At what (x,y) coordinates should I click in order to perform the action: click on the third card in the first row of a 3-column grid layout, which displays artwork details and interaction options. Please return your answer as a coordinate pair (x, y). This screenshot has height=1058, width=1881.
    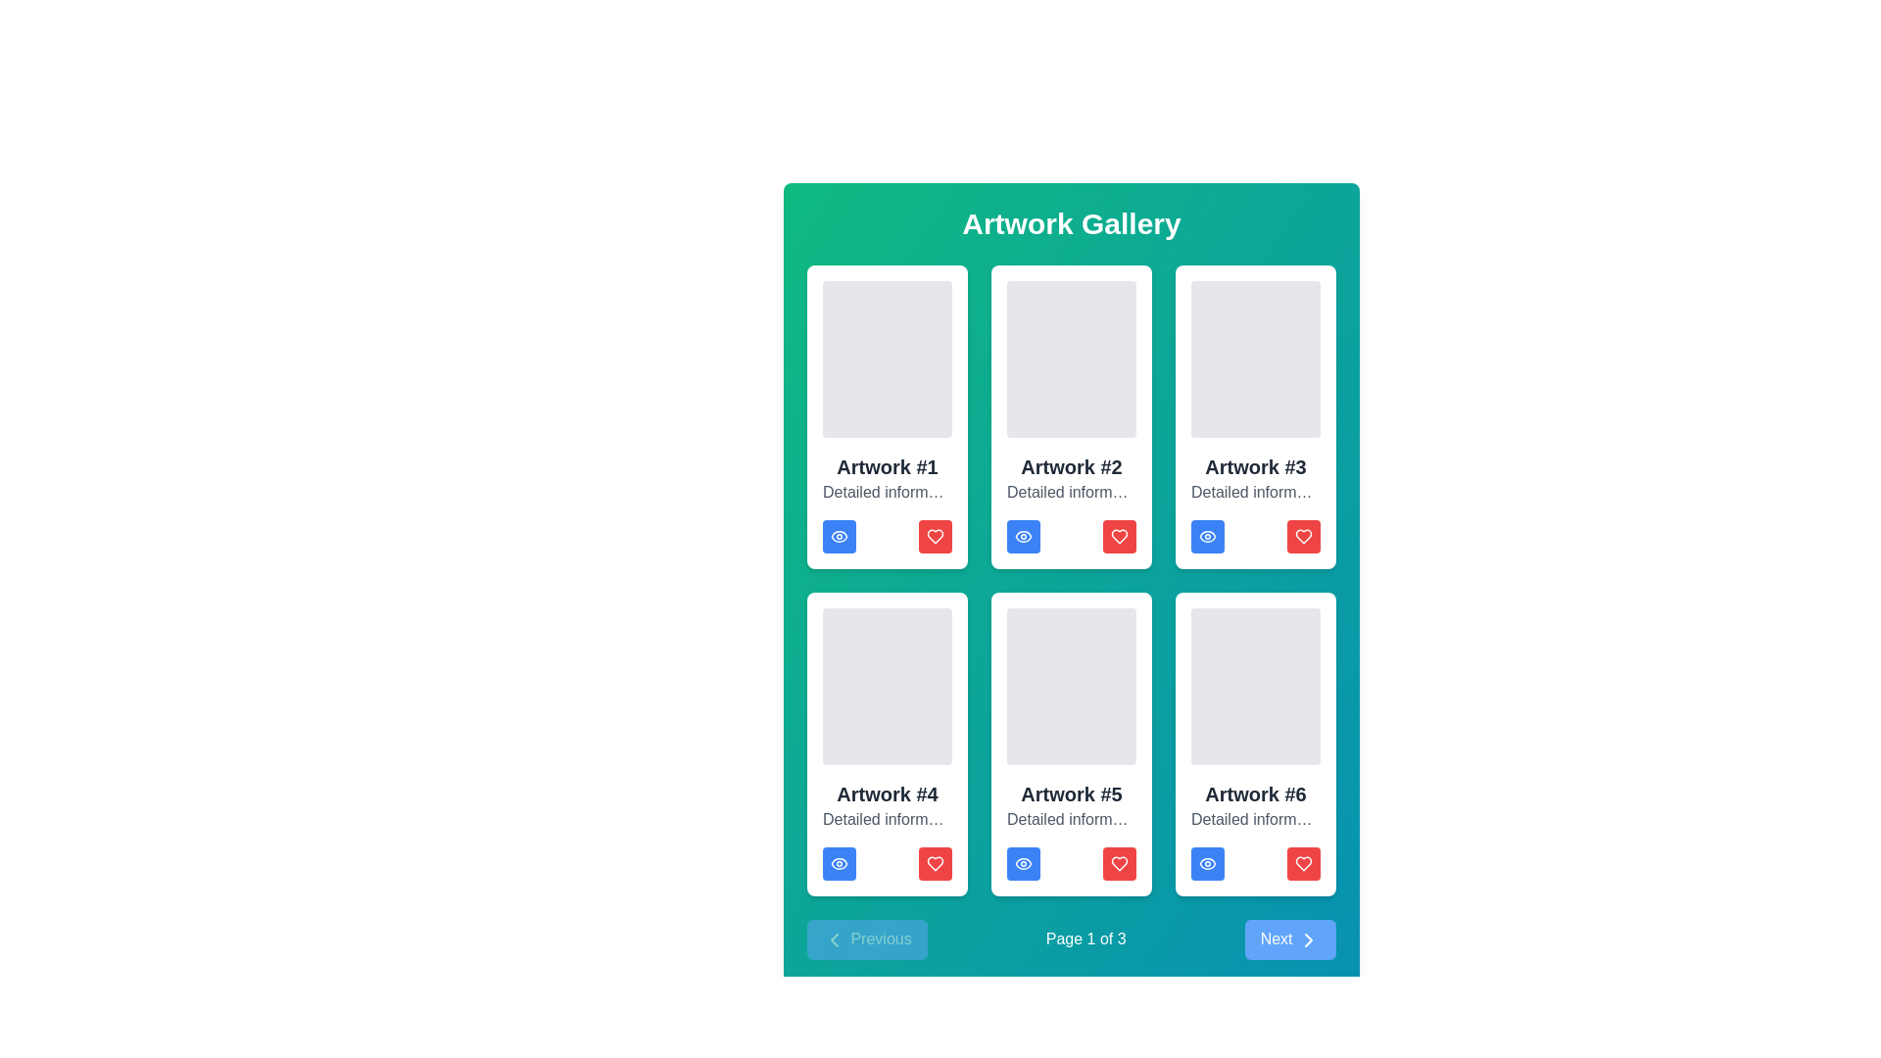
    Looking at the image, I should click on (1255, 415).